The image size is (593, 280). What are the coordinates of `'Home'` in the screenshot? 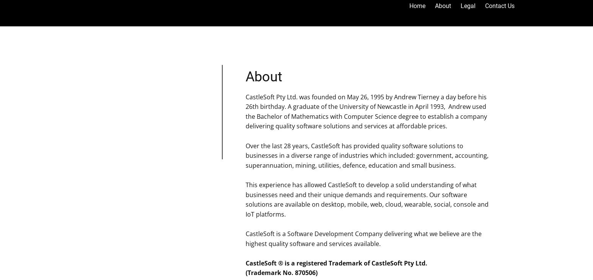 It's located at (417, 5).